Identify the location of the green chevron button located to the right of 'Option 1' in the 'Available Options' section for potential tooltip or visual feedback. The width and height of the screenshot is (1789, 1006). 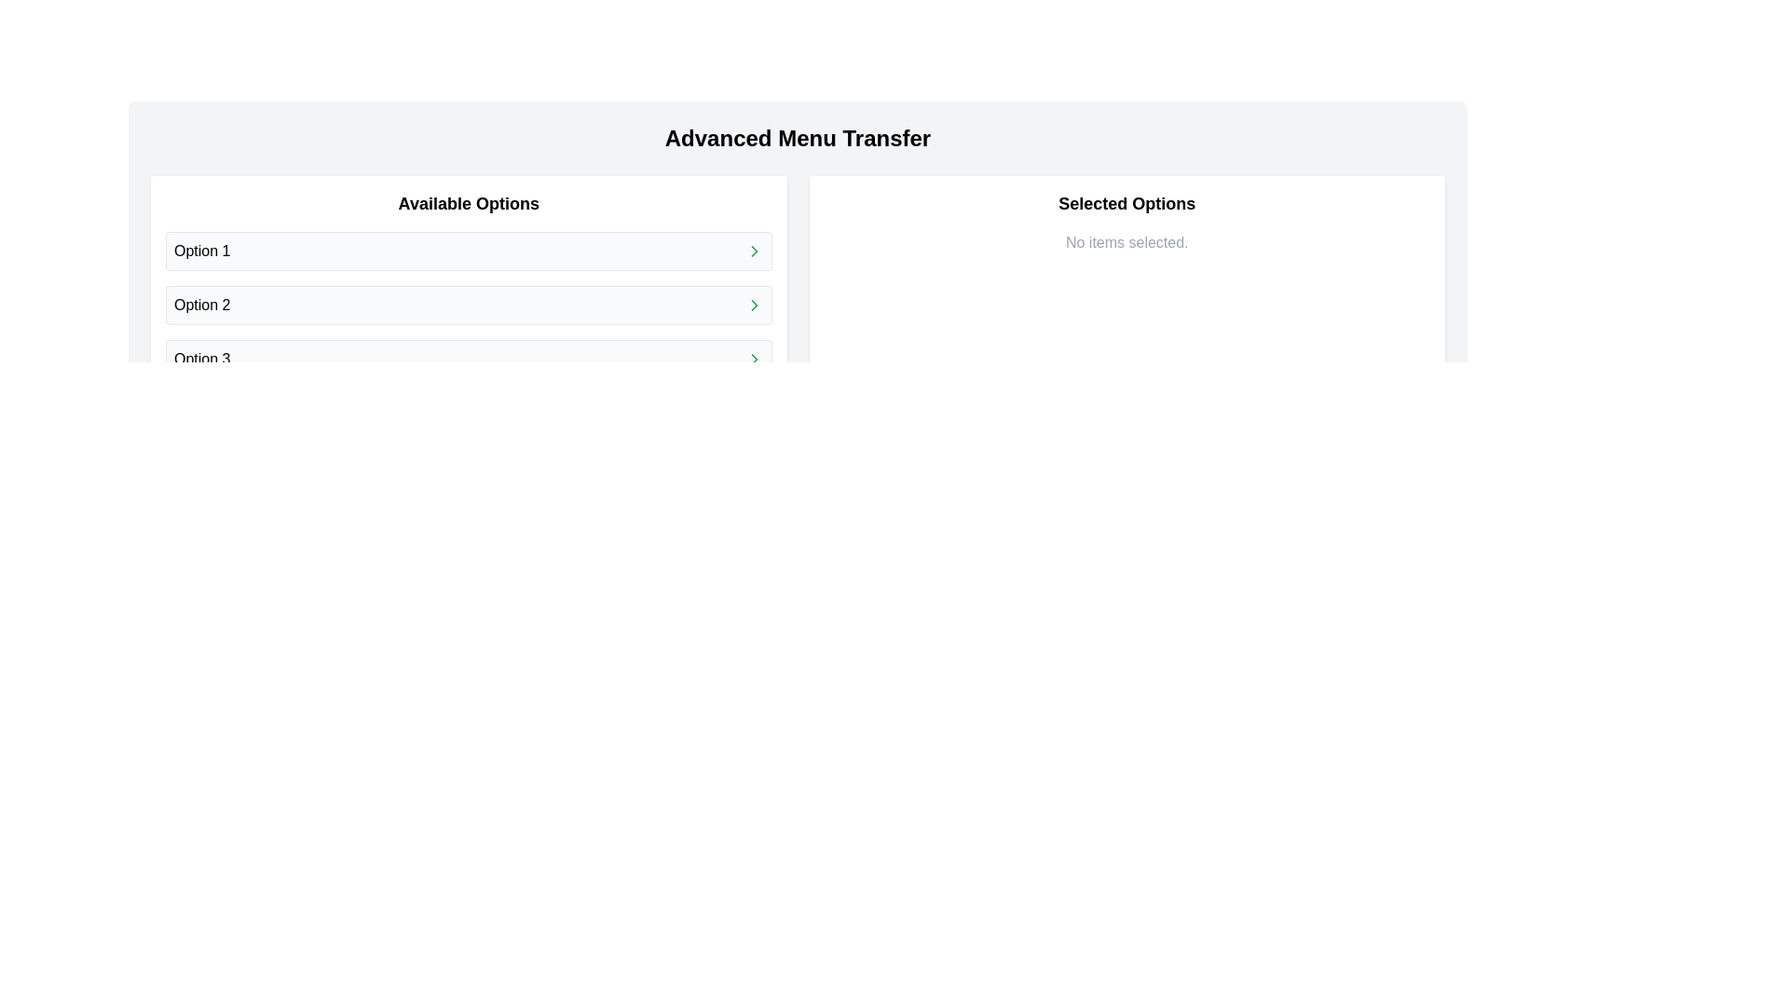
(754, 251).